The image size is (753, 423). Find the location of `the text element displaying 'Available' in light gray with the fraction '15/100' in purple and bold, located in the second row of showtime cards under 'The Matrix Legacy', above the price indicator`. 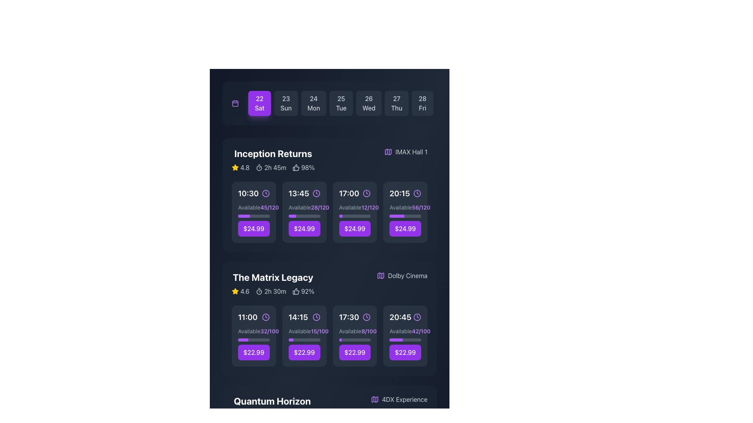

the text element displaying 'Available' in light gray with the fraction '15/100' in purple and bold, located in the second row of showtime cards under 'The Matrix Legacy', above the price indicator is located at coordinates (304, 331).